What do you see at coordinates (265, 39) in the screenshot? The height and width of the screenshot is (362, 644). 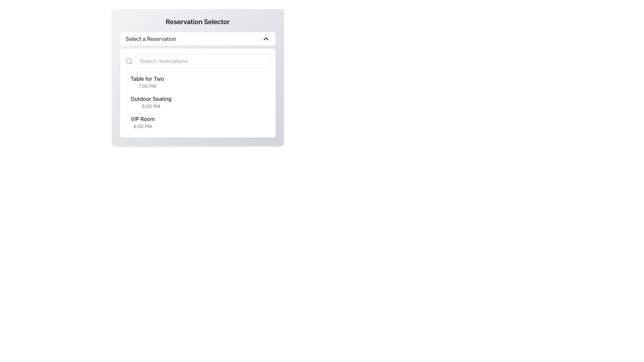 I see `the black downward-facing chevron icon located to the right of the 'Select a Reservation' text` at bounding box center [265, 39].